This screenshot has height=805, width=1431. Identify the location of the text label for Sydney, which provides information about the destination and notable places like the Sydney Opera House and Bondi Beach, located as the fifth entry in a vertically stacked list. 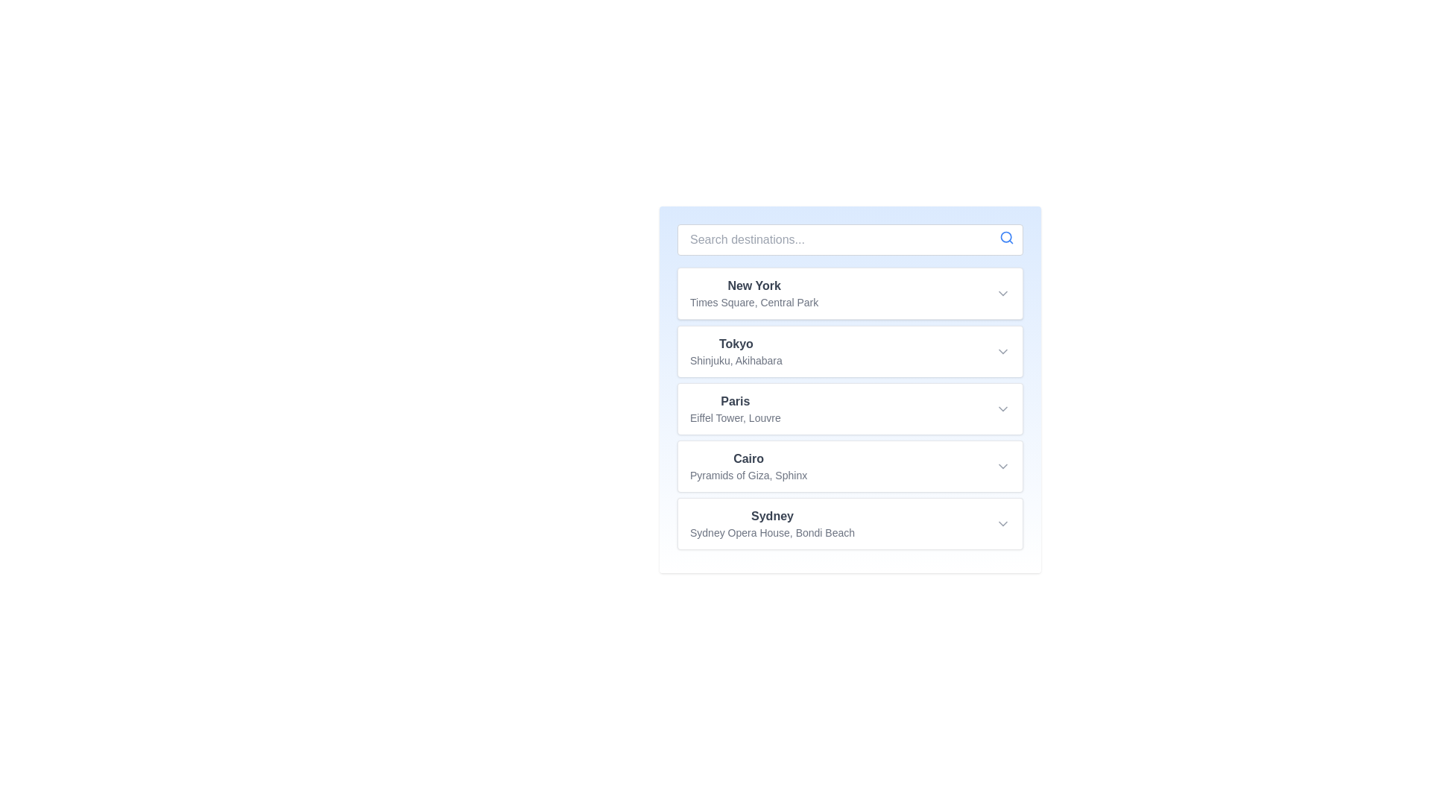
(772, 523).